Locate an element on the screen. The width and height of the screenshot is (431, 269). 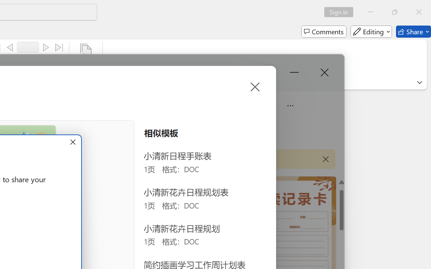
'Editing' is located at coordinates (371, 32).